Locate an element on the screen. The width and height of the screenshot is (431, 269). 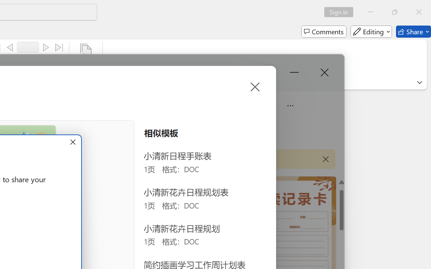
'Editing' is located at coordinates (371, 32).